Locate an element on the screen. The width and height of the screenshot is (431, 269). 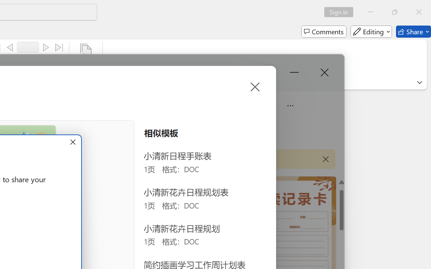
'Editing' is located at coordinates (371, 32).